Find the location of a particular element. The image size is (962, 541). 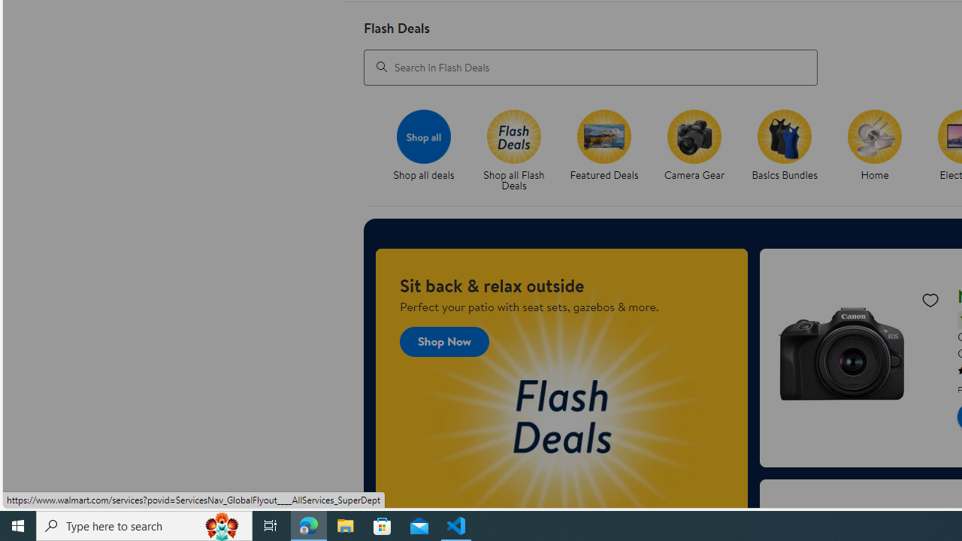

'Camera Gear' is located at coordinates (699, 151).